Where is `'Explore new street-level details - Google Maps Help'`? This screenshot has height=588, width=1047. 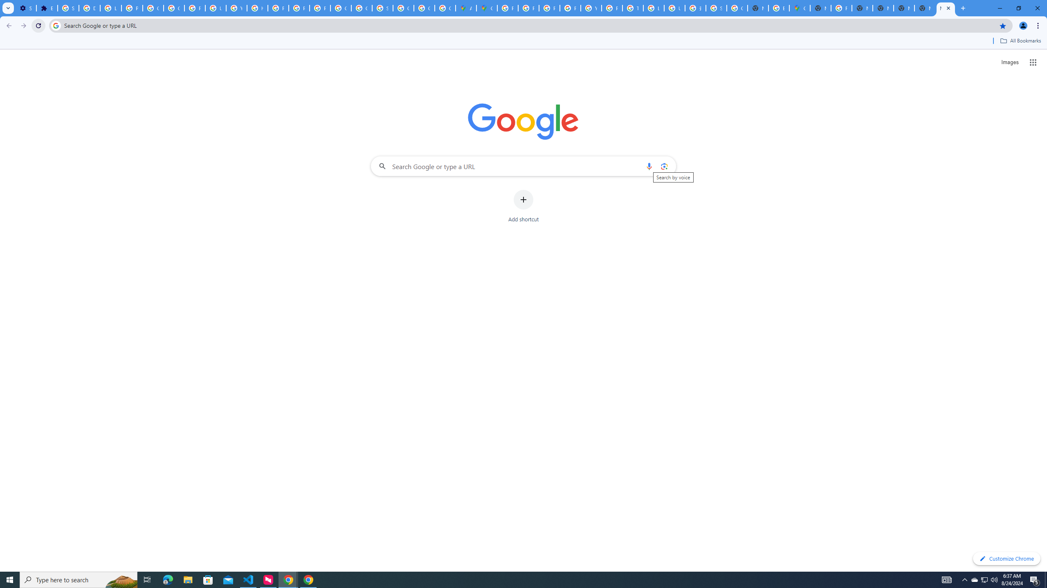
'Explore new street-level details - Google Maps Help' is located at coordinates (778, 8).